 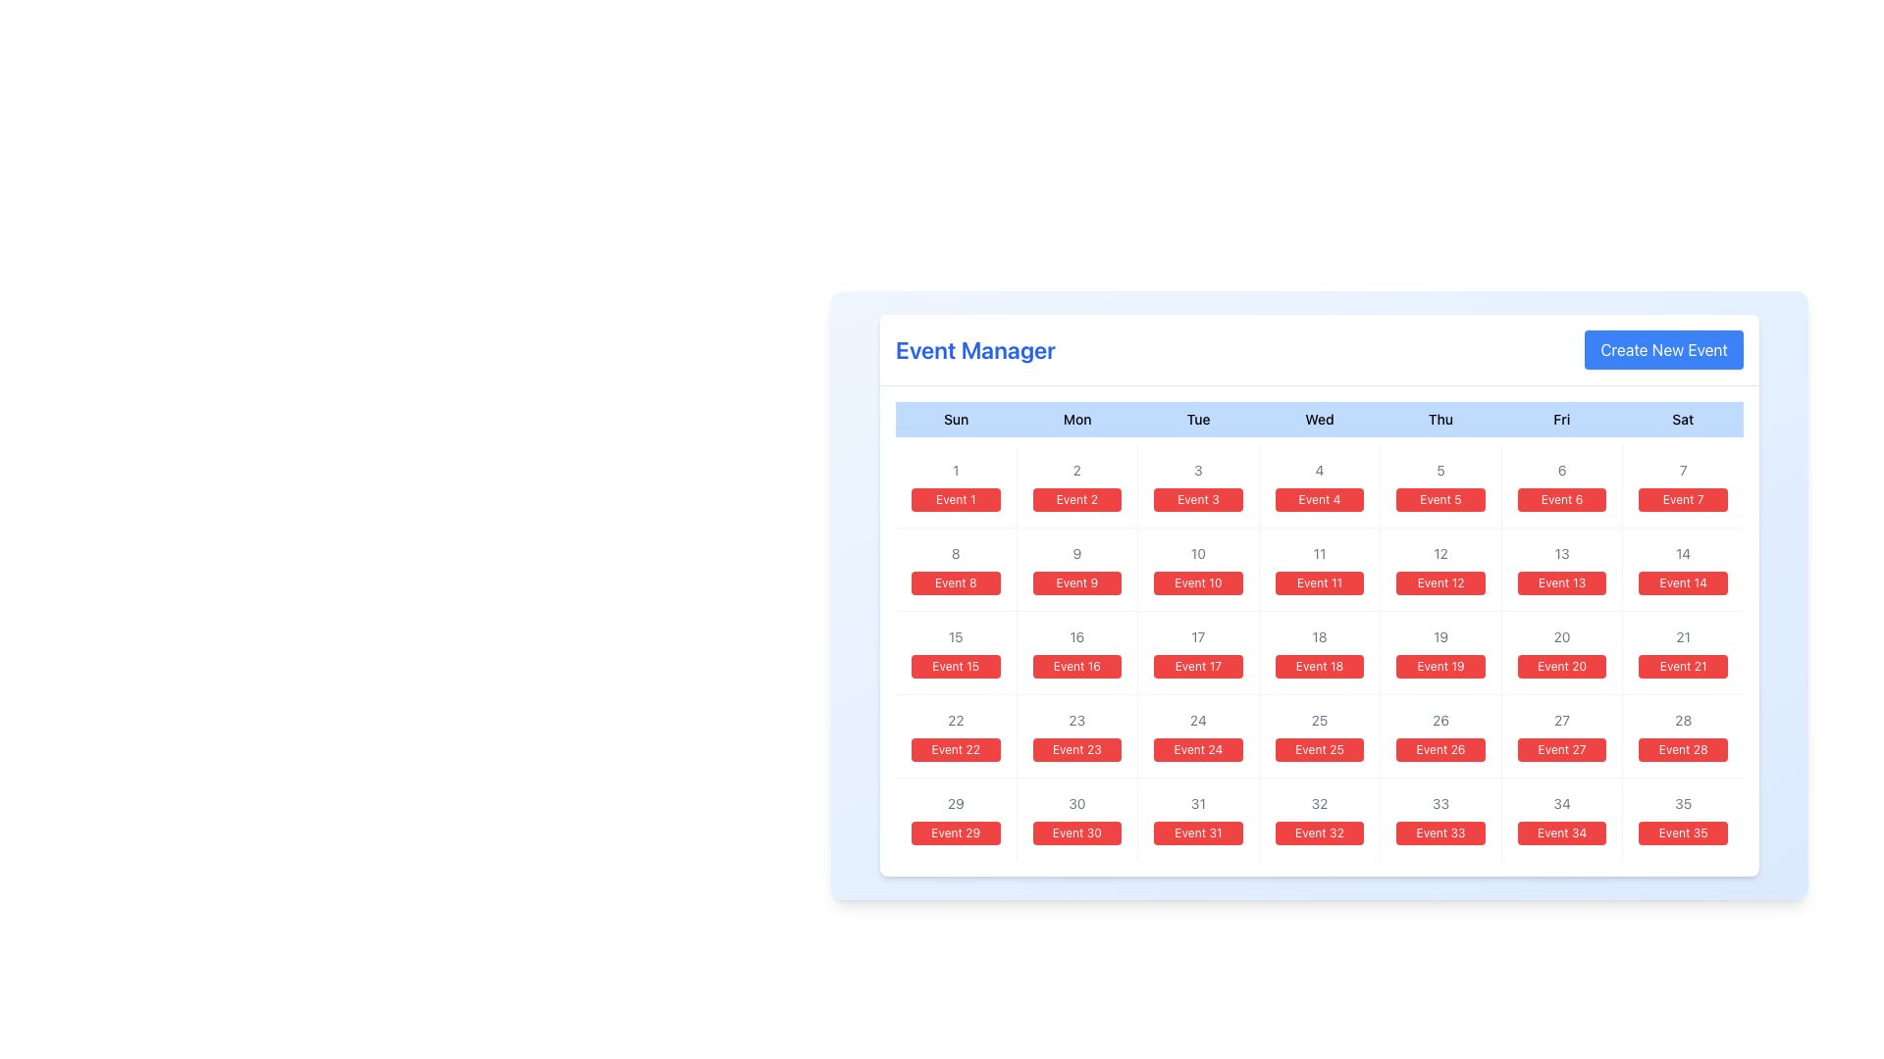 What do you see at coordinates (1319, 665) in the screenshot?
I see `the red button for 'Event 18' located in the 'Wed' column of the calendar grid, positioned below the number '18'` at bounding box center [1319, 665].